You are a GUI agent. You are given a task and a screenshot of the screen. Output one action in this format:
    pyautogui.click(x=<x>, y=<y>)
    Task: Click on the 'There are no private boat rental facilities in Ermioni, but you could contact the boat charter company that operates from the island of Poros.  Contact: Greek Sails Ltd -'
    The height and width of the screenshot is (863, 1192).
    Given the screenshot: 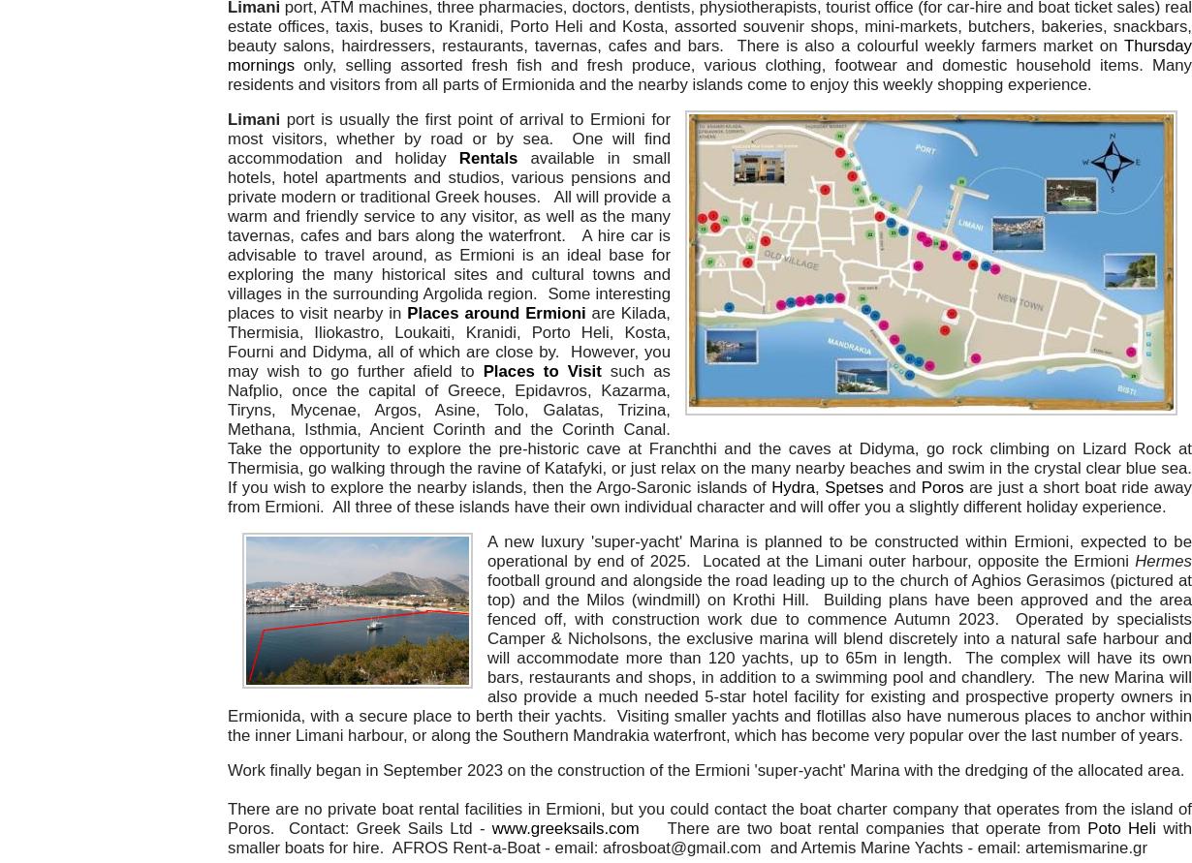 What is the action you would take?
    pyautogui.click(x=709, y=817)
    